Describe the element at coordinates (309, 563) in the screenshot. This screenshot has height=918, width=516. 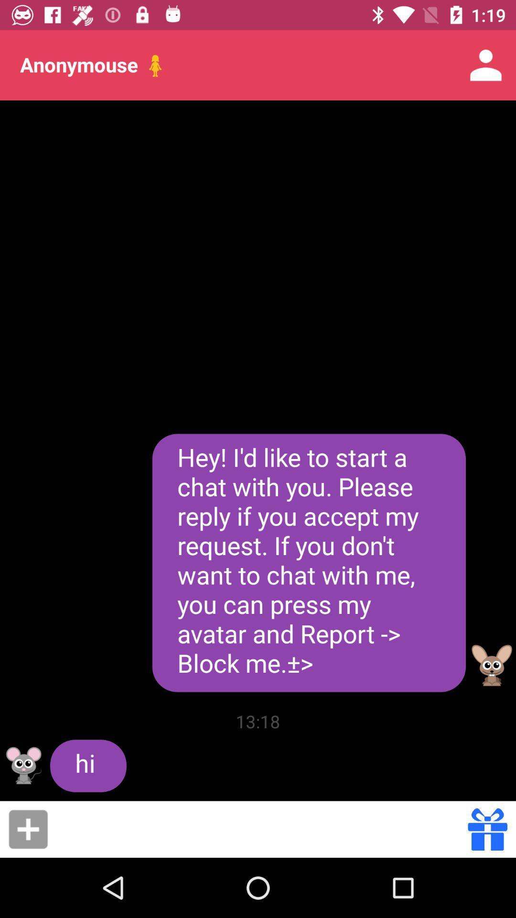
I see `the hey i d` at that location.